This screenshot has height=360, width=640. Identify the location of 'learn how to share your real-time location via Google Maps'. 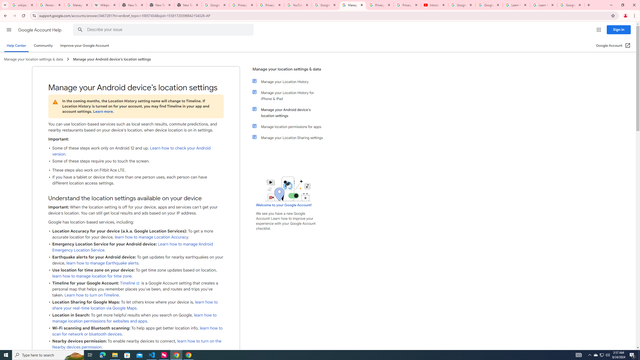
(135, 305).